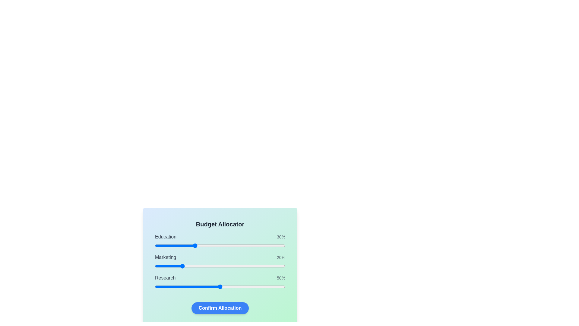  Describe the element at coordinates (157, 286) in the screenshot. I see `the Research allocation slider to 2%` at that location.